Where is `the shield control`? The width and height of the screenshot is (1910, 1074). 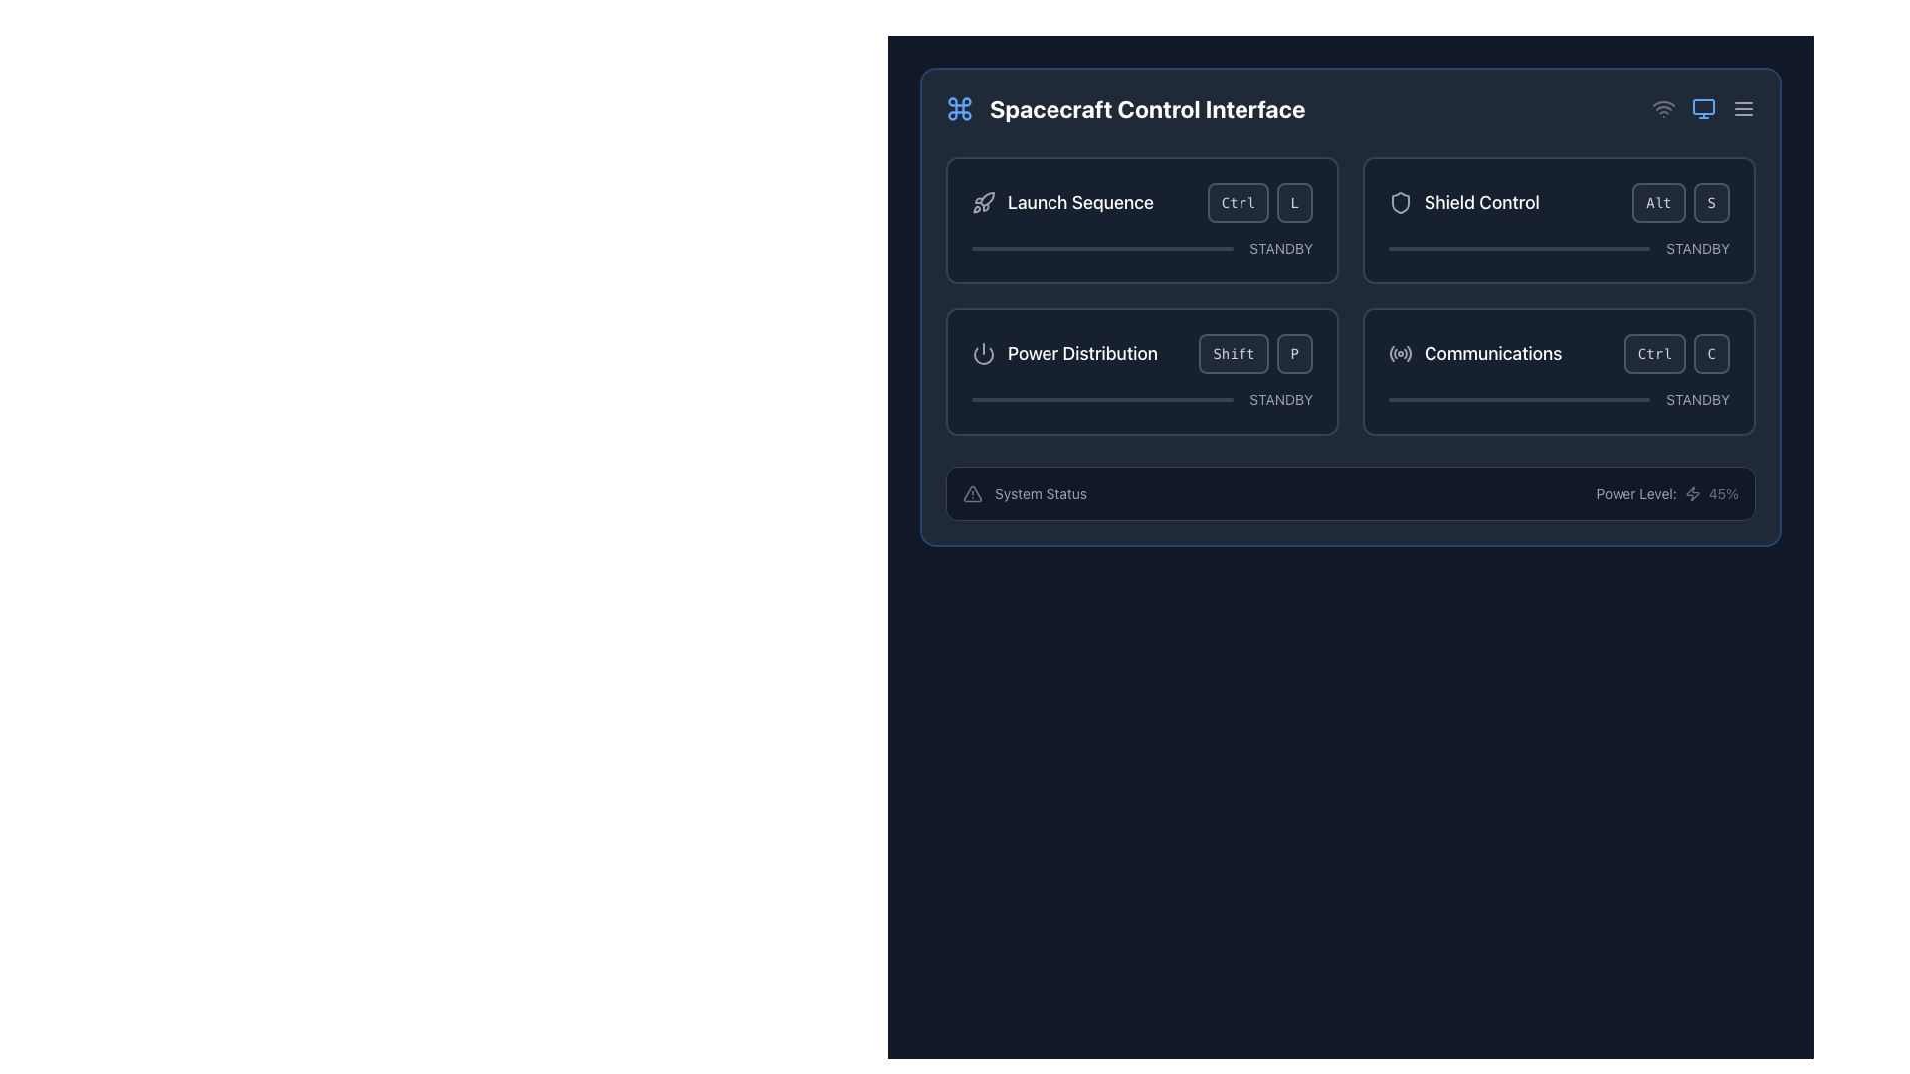 the shield control is located at coordinates (1398, 248).